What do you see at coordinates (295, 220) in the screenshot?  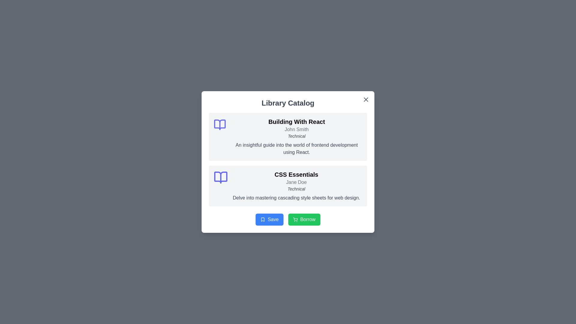 I see `the shopping cart icon SVG located within the green 'Borrow' button in the Library Catalog modal` at bounding box center [295, 220].